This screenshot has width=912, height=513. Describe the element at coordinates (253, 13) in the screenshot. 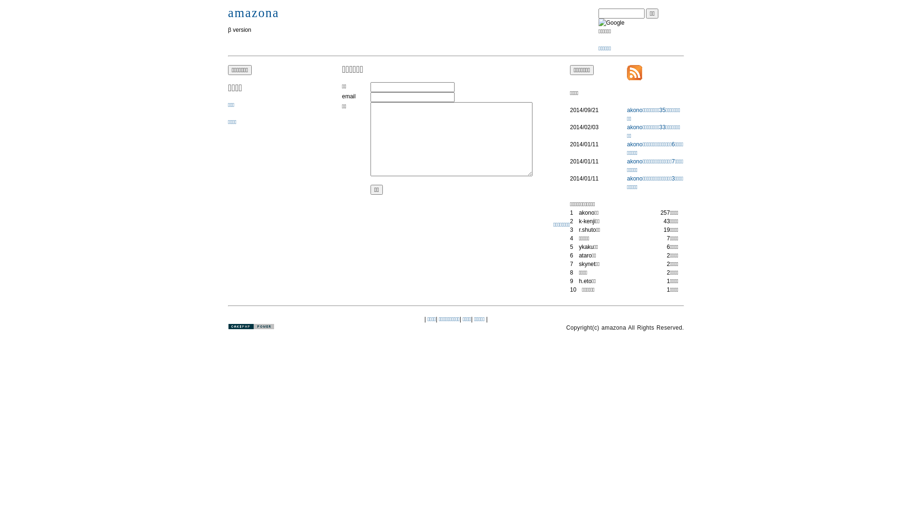

I see `'amazona'` at that location.